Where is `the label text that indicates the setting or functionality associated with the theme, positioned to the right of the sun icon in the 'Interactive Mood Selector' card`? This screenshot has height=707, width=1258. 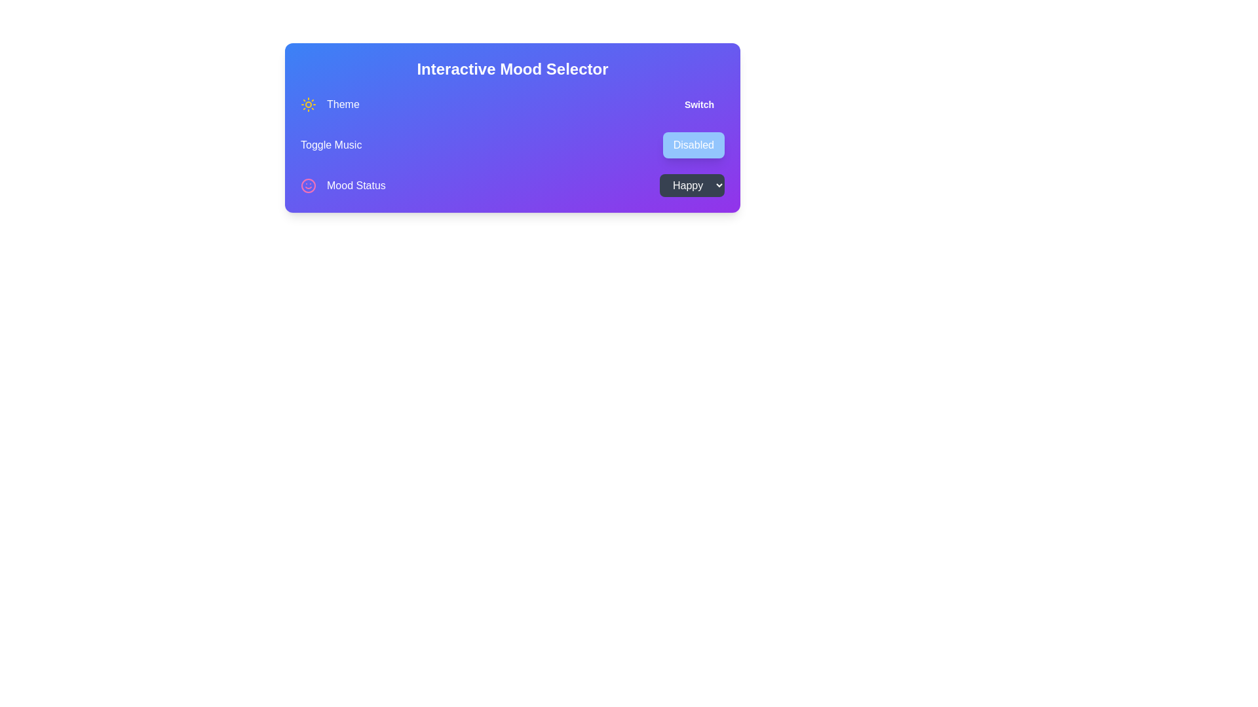
the label text that indicates the setting or functionality associated with the theme, positioned to the right of the sun icon in the 'Interactive Mood Selector' card is located at coordinates (343, 103).